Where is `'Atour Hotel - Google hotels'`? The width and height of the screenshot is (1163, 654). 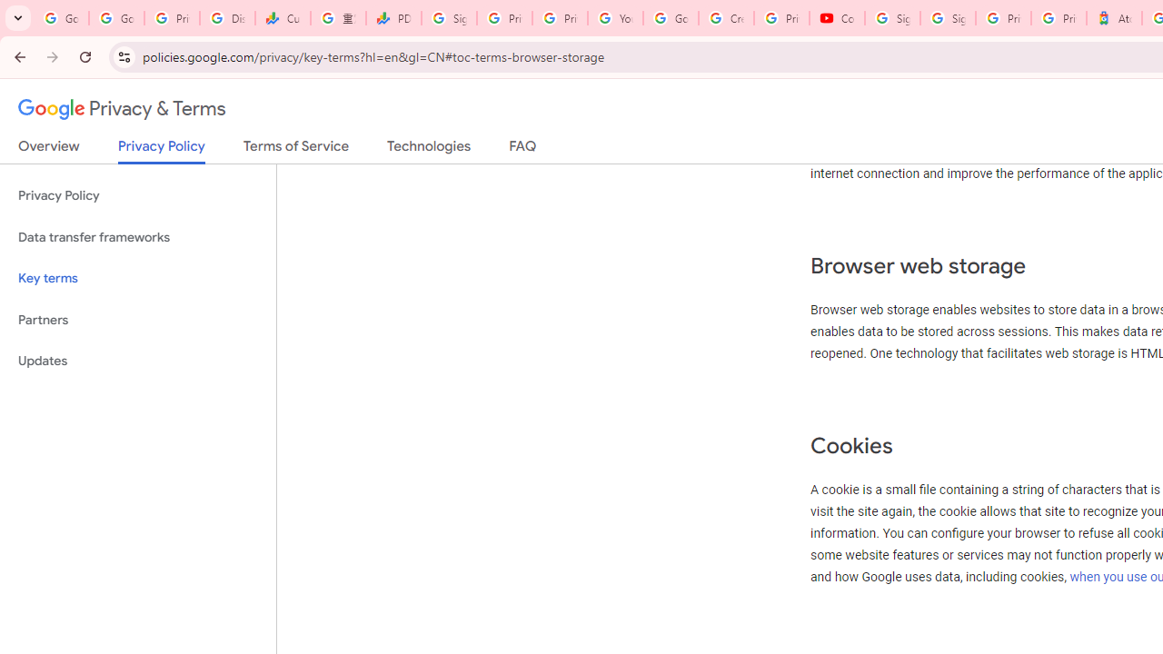 'Atour Hotel - Google hotels' is located at coordinates (1113, 18).